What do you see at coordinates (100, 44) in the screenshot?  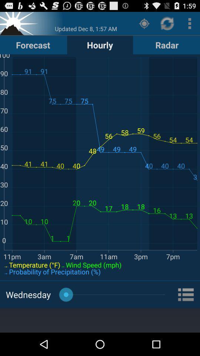 I see `the hourly icon` at bounding box center [100, 44].